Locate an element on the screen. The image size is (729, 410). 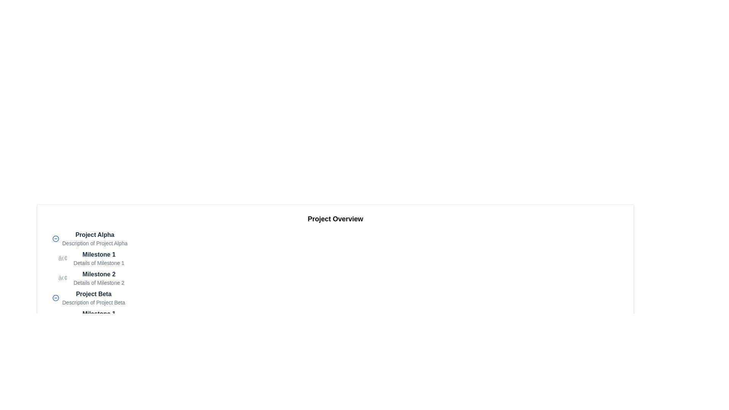
the blue circular button with a minus sign in the 'Project Alpha' section to minimize or collapse the project details is located at coordinates (55, 238).